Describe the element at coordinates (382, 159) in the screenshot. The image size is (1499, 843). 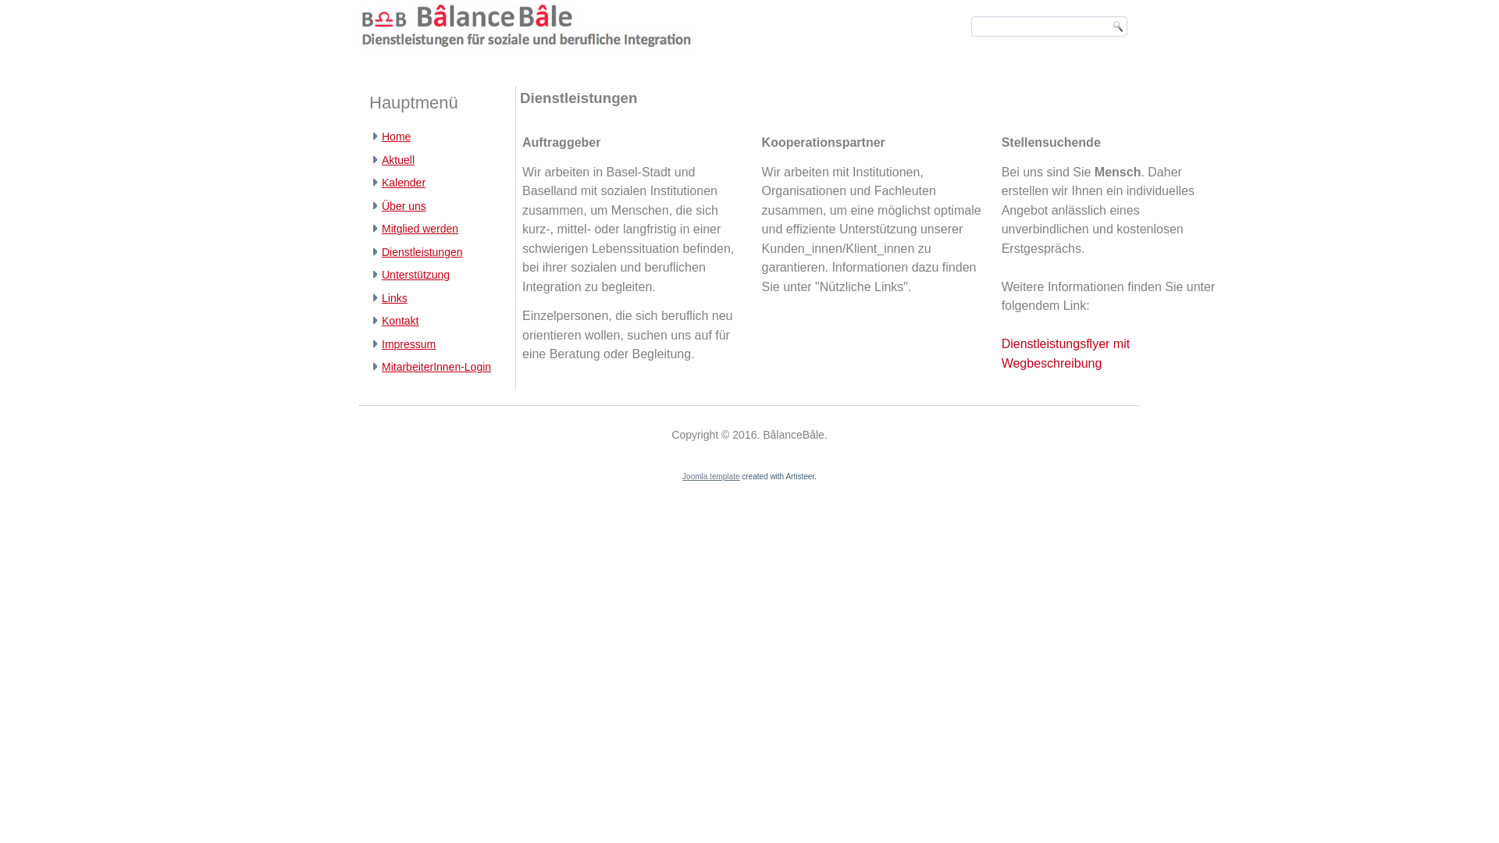
I see `'Aktuell'` at that location.